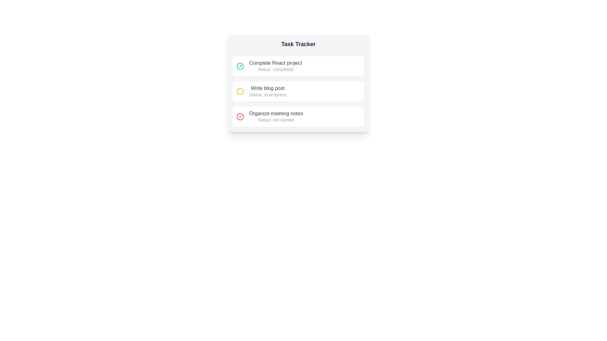  What do you see at coordinates (276, 120) in the screenshot?
I see `the informational text label indicating the status of the task 'Organize meeting notes', which shows it is 'not-started'` at bounding box center [276, 120].